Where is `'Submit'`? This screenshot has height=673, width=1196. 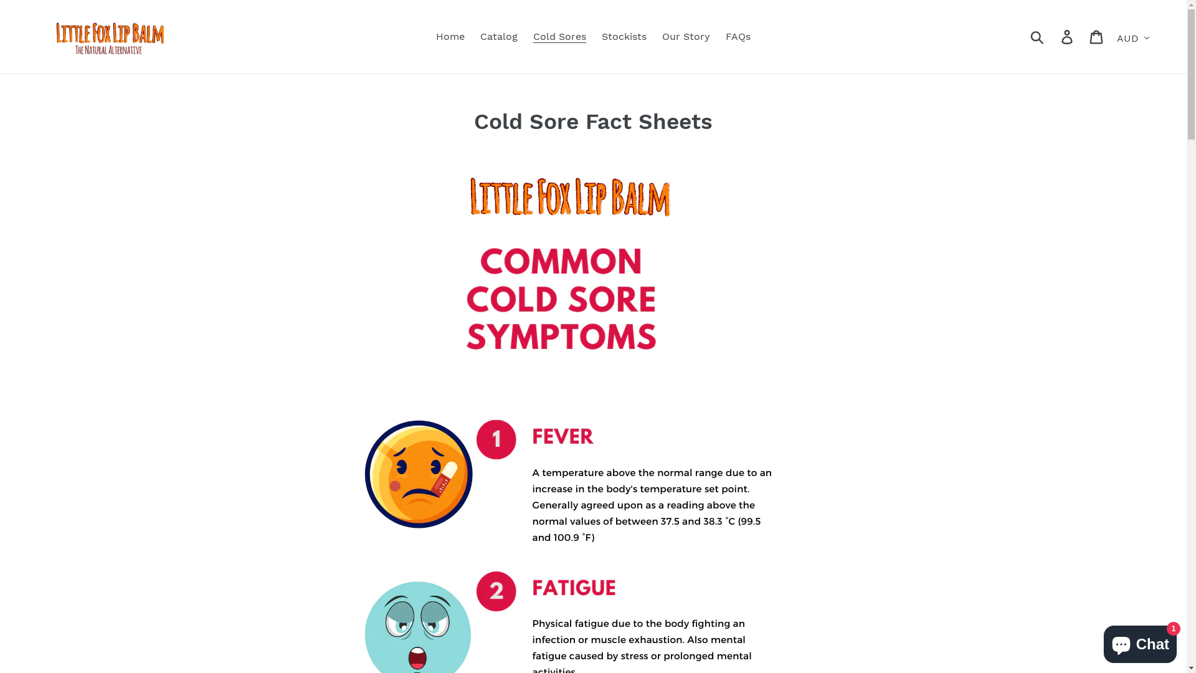 'Submit' is located at coordinates (1038, 36).